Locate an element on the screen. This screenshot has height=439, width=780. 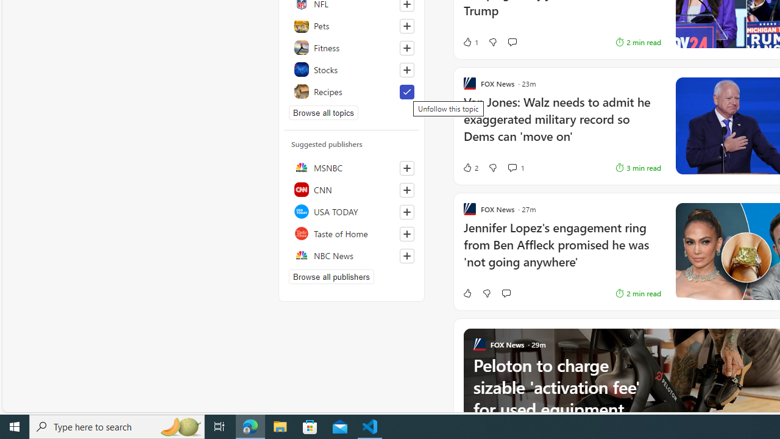
'Follow this source' is located at coordinates (406, 255).